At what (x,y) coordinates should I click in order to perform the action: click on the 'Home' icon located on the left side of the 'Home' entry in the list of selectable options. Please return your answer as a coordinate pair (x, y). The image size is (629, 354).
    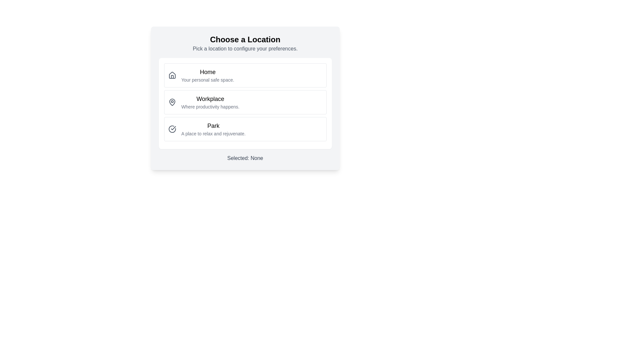
    Looking at the image, I should click on (172, 75).